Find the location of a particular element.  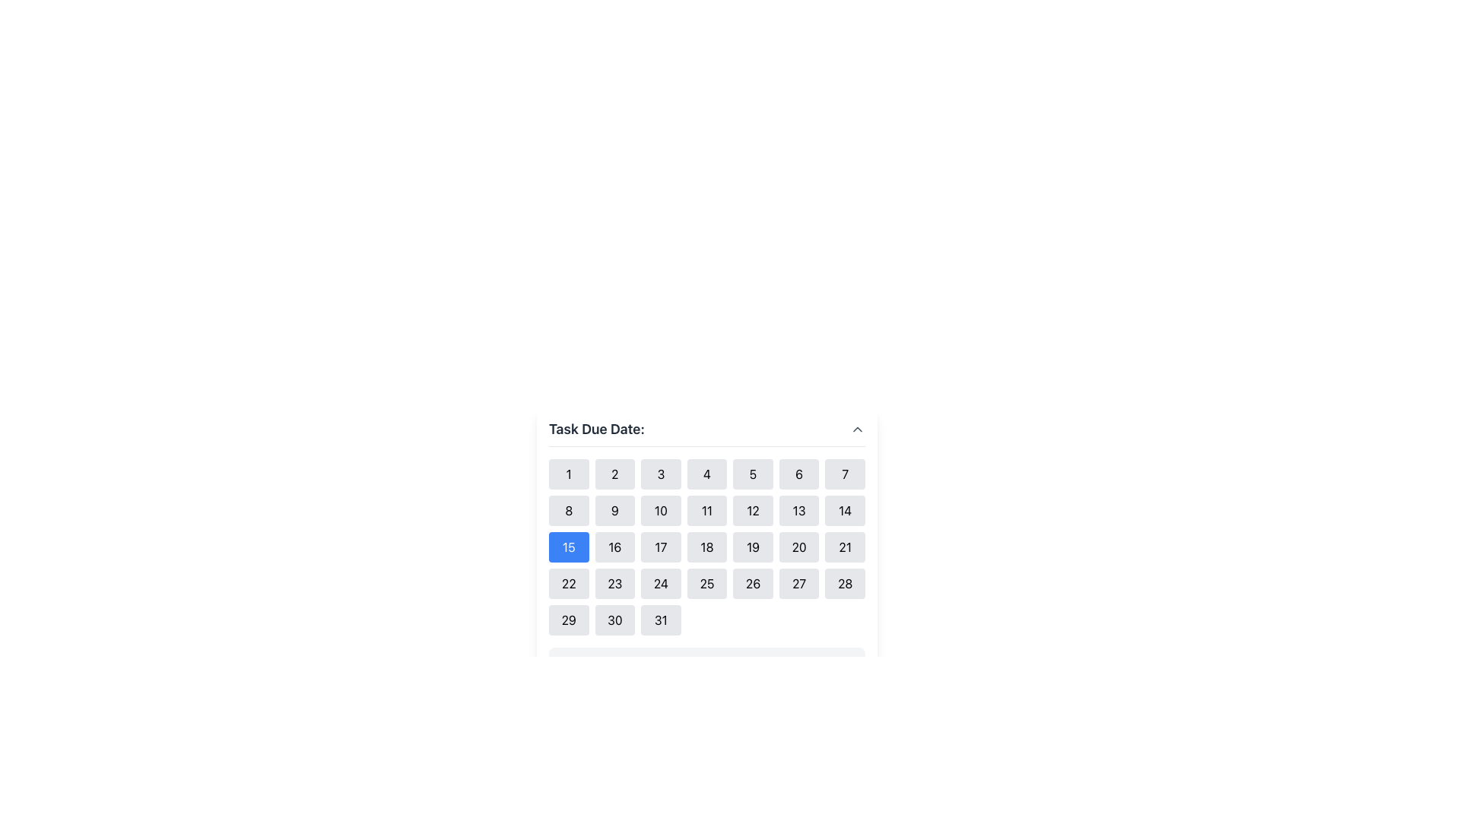

the square button with a light gray background and the number '26' in black text is located at coordinates (753, 582).